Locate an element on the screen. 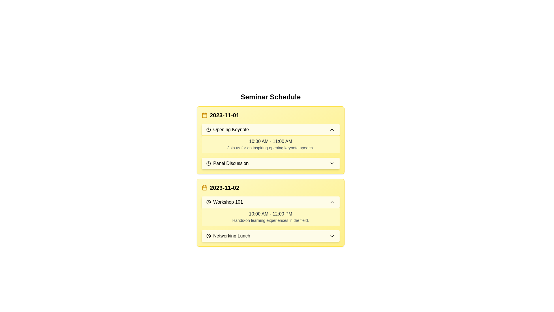  the 'Networking Lunch' event icon-label pair located within the yellow card under the section for the date '2023-11-02', positioned below 'Workshop 101' is located at coordinates (228, 236).